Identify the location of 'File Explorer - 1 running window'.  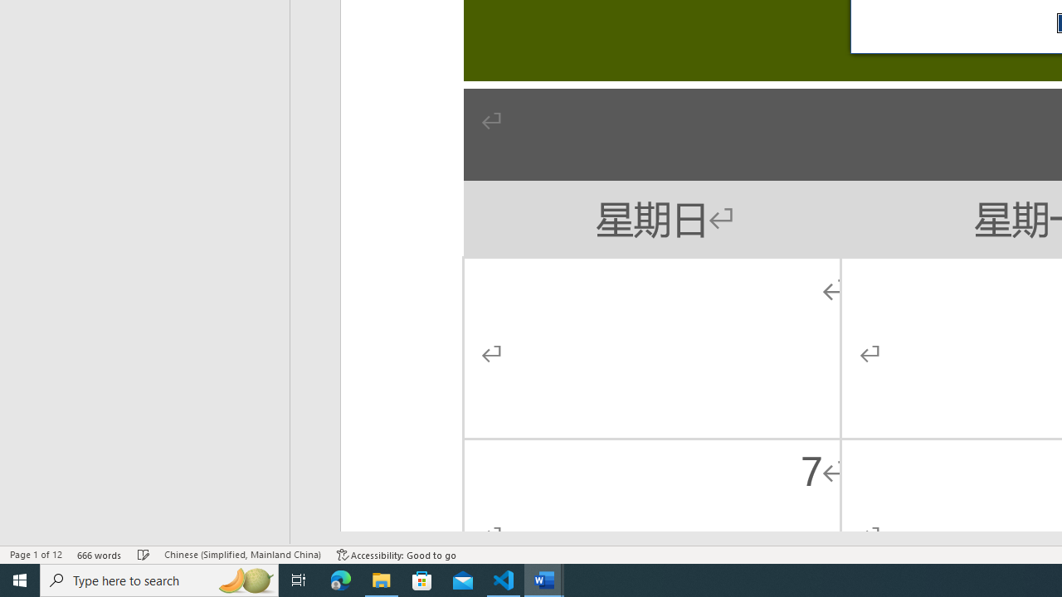
(381, 579).